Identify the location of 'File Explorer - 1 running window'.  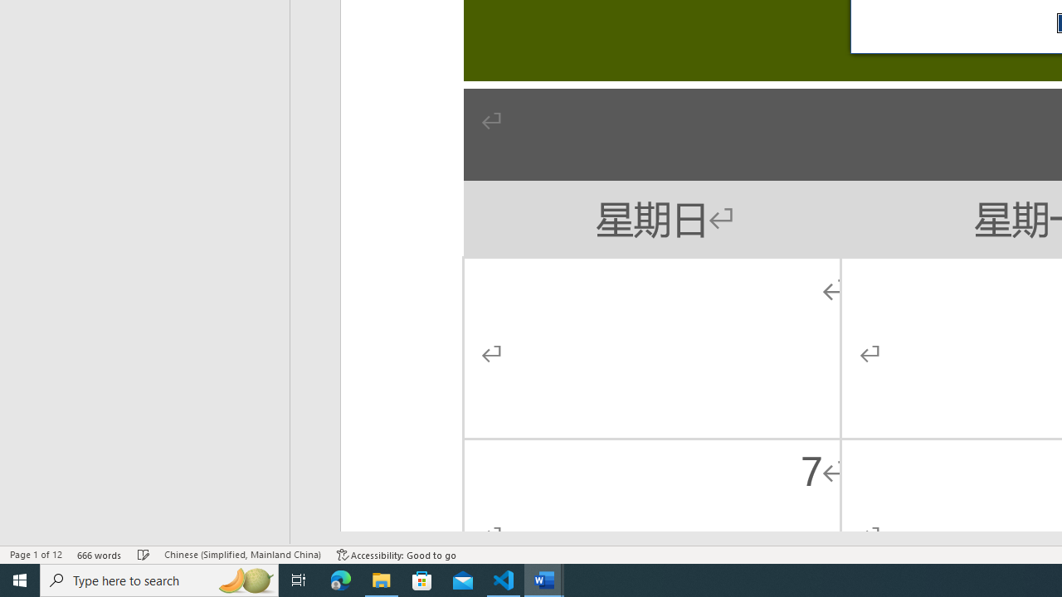
(381, 579).